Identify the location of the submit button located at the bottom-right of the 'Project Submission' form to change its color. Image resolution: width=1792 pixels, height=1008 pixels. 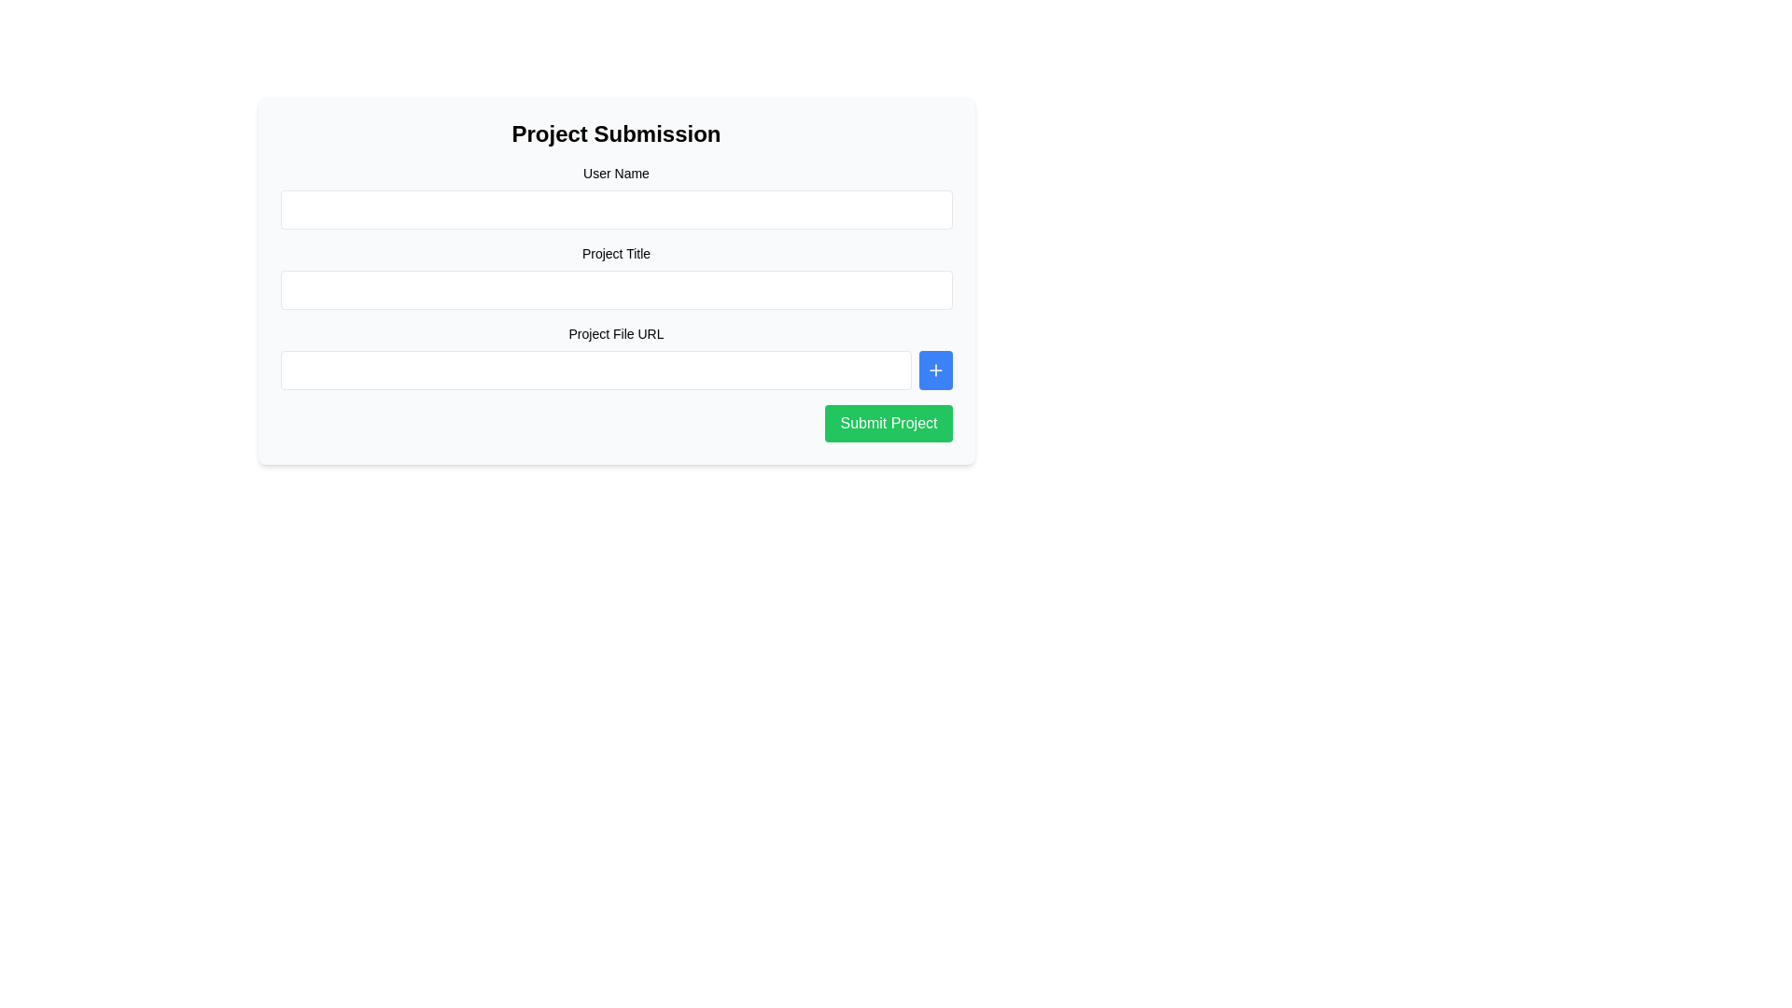
(888, 424).